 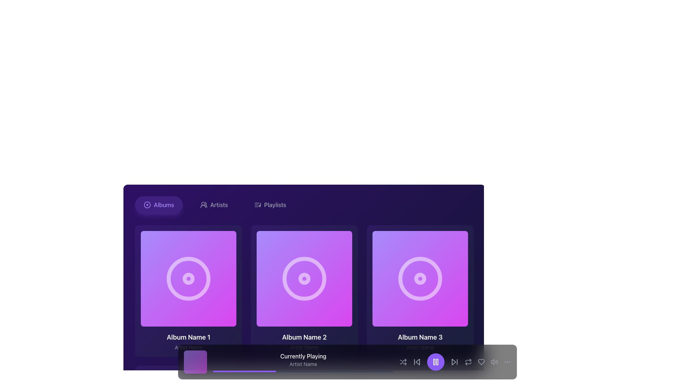 What do you see at coordinates (275, 205) in the screenshot?
I see `the 'Playlists' text label in the top-right section of the navigation bar, which indicates the section's purpose for navigation` at bounding box center [275, 205].